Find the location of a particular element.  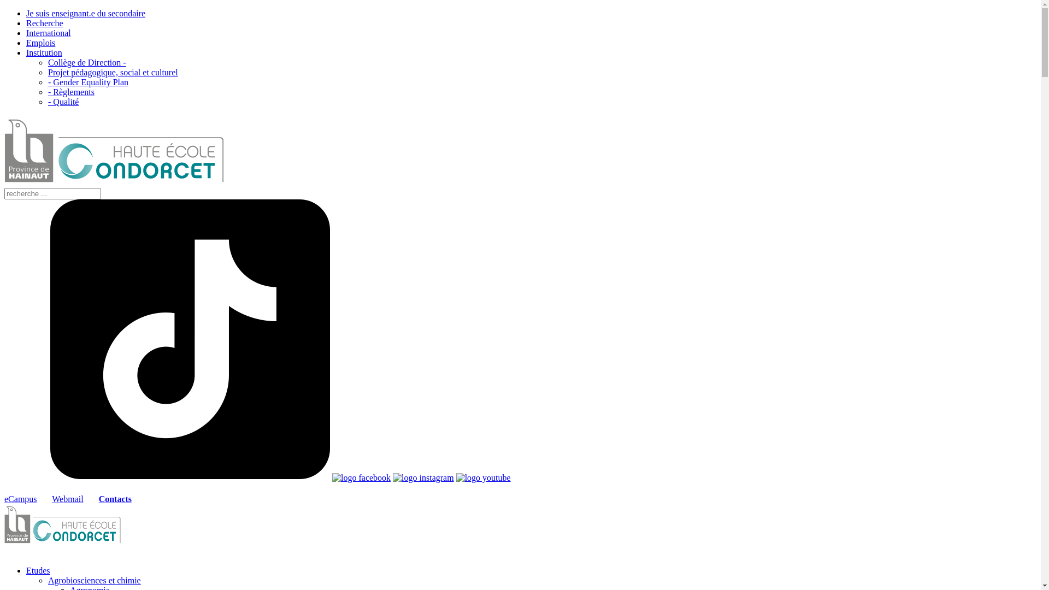

'Recherche' is located at coordinates (26, 23).